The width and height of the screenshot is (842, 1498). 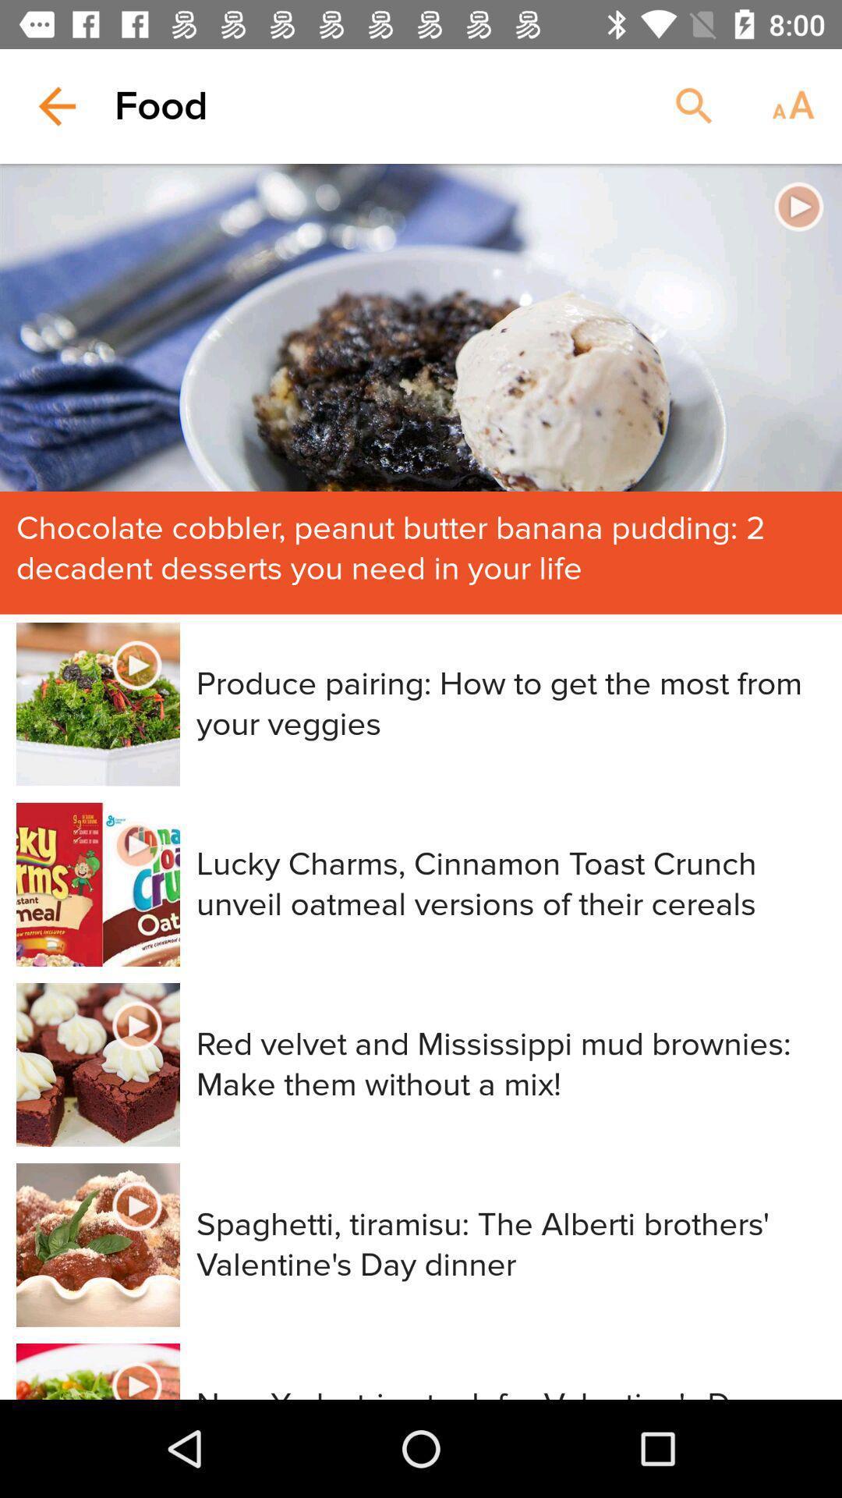 What do you see at coordinates (98, 703) in the screenshot?
I see `the image beside produce pairing` at bounding box center [98, 703].